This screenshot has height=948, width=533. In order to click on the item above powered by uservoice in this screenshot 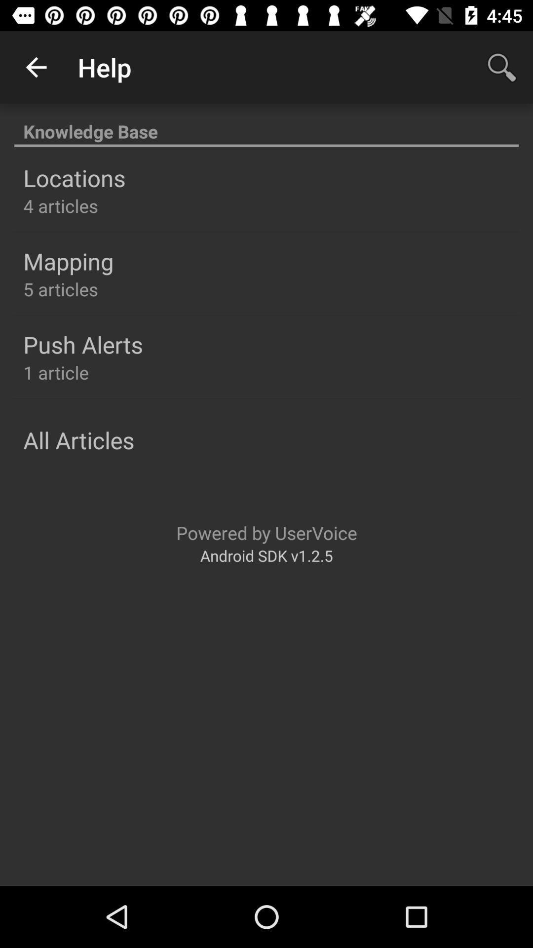, I will do `click(78, 439)`.